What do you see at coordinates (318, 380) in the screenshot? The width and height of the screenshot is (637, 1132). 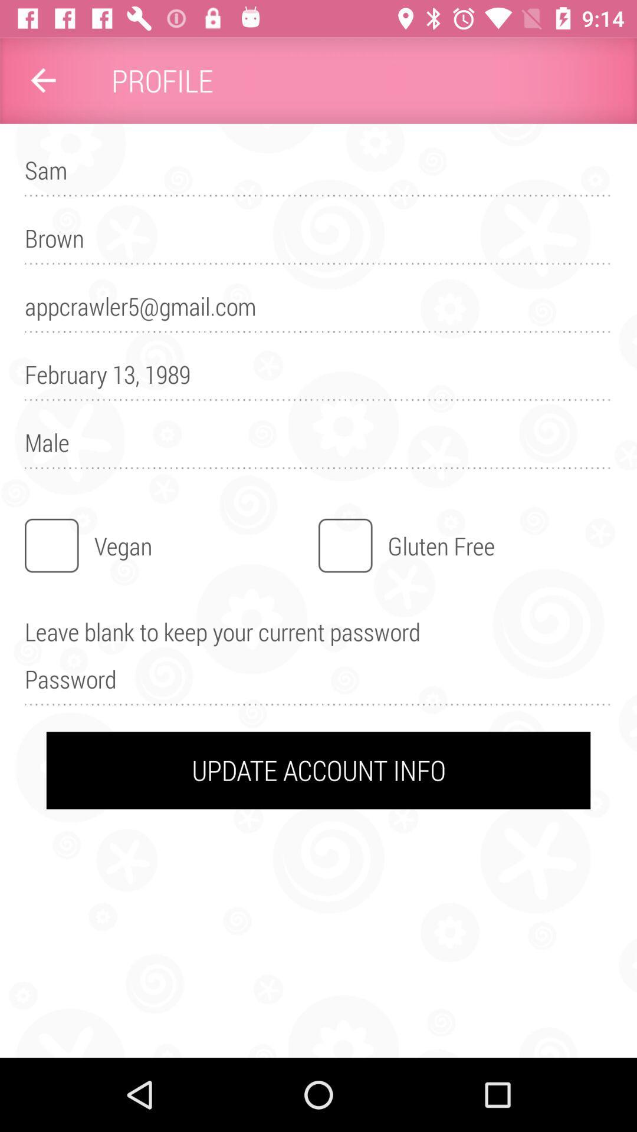 I see `the item below the appcrawler5@gmail.com item` at bounding box center [318, 380].